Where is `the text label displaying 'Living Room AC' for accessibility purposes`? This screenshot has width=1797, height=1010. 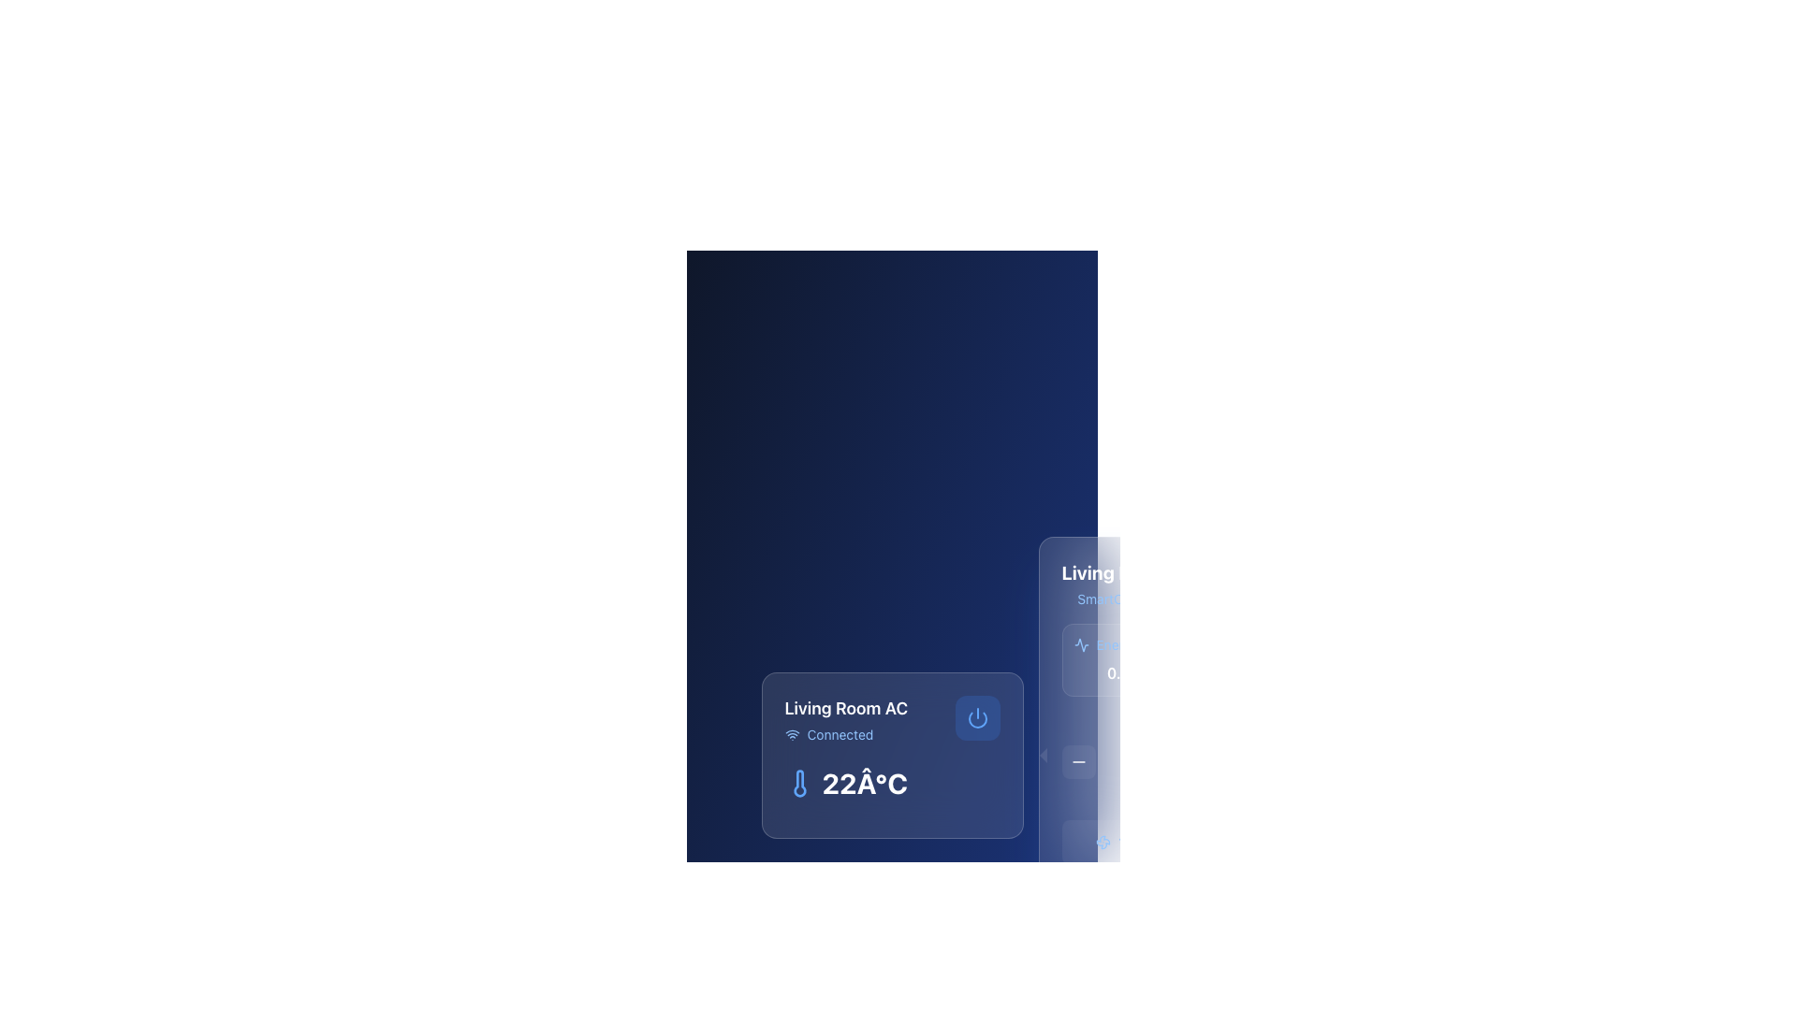
the text label displaying 'Living Room AC' for accessibility purposes is located at coordinates (1216, 583).